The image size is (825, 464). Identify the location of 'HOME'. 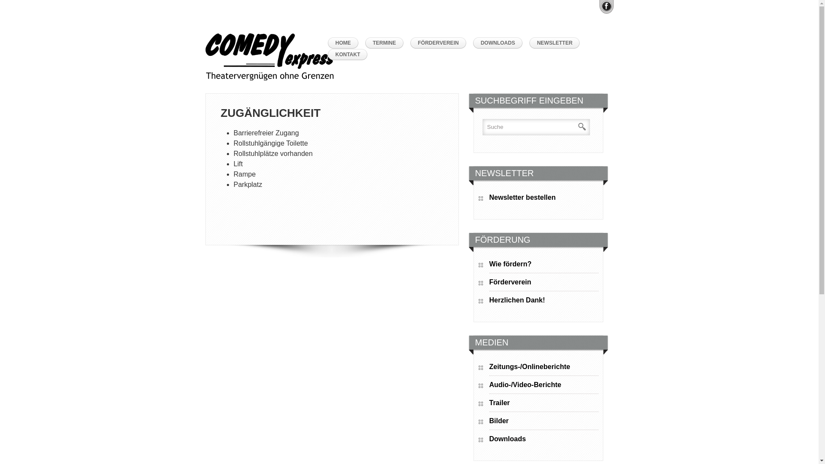
(345, 43).